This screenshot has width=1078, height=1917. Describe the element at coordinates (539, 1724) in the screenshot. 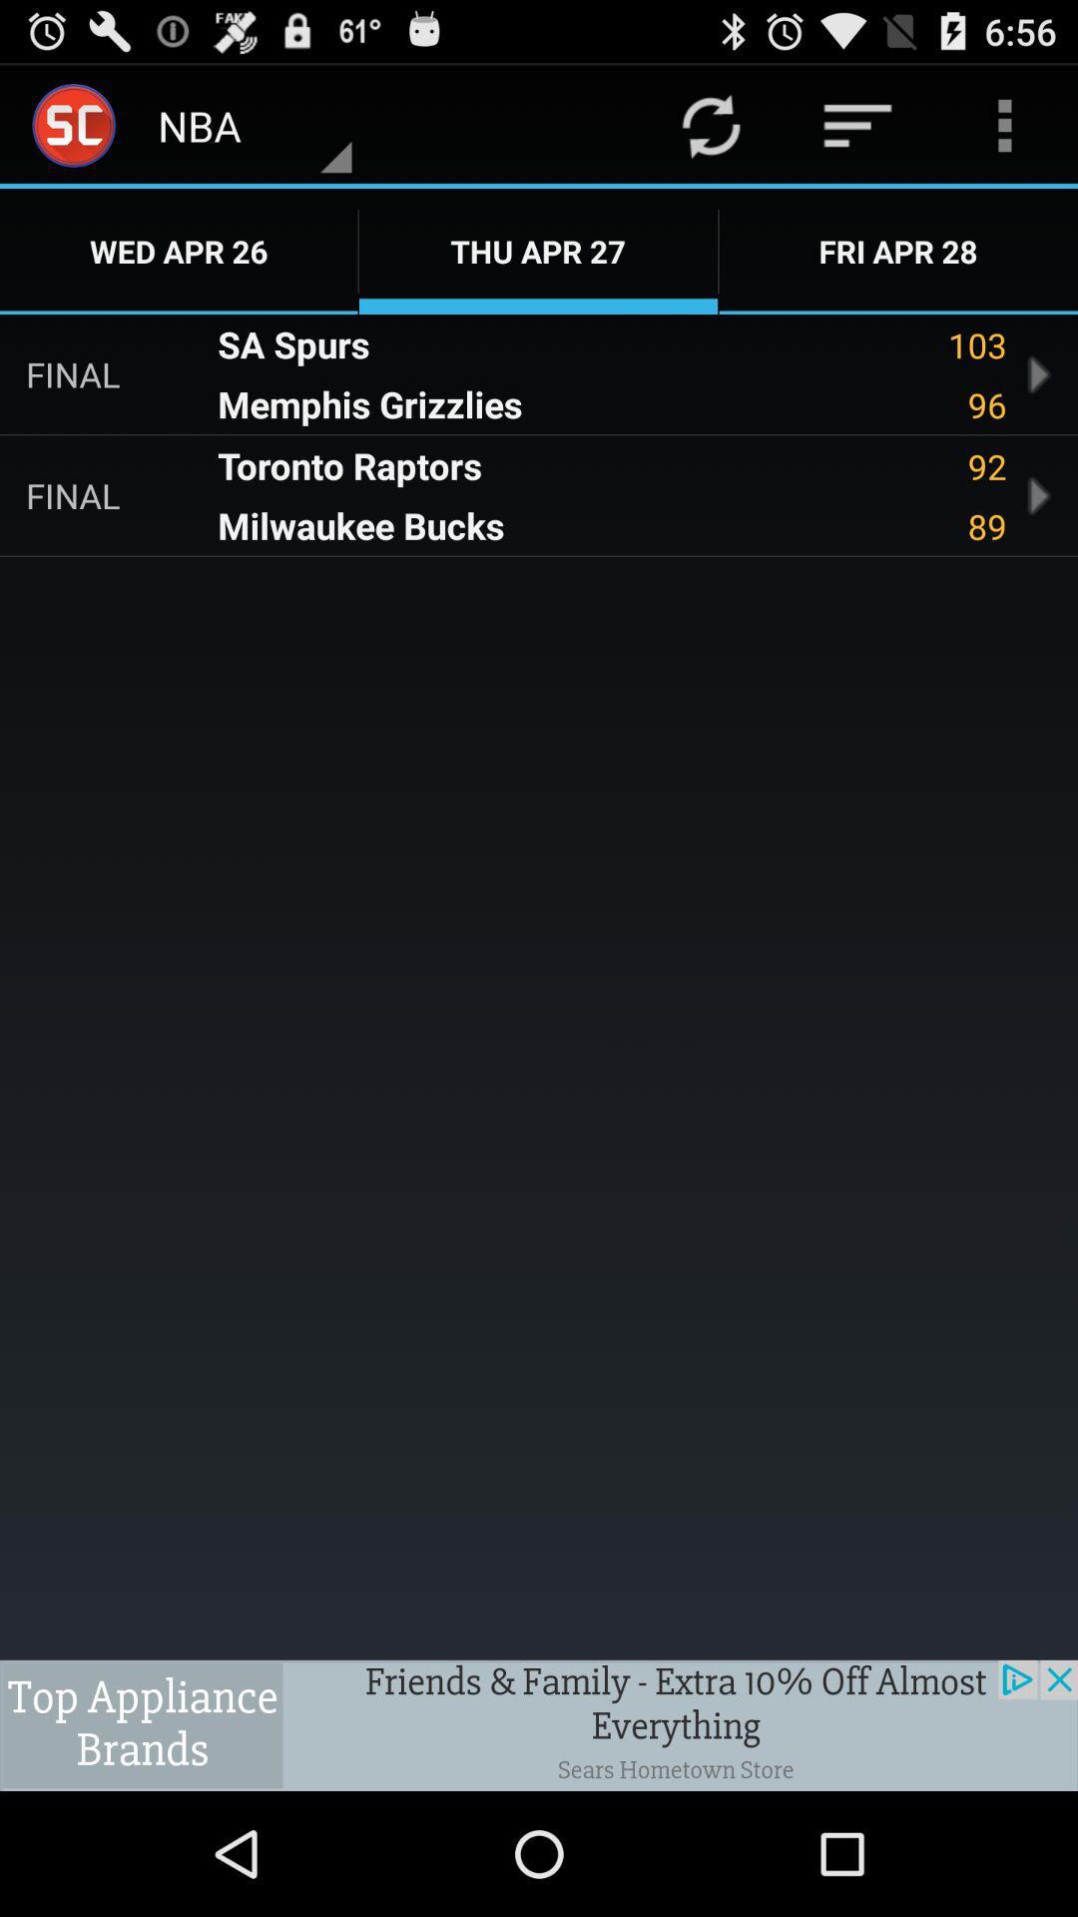

I see `advertisement` at that location.